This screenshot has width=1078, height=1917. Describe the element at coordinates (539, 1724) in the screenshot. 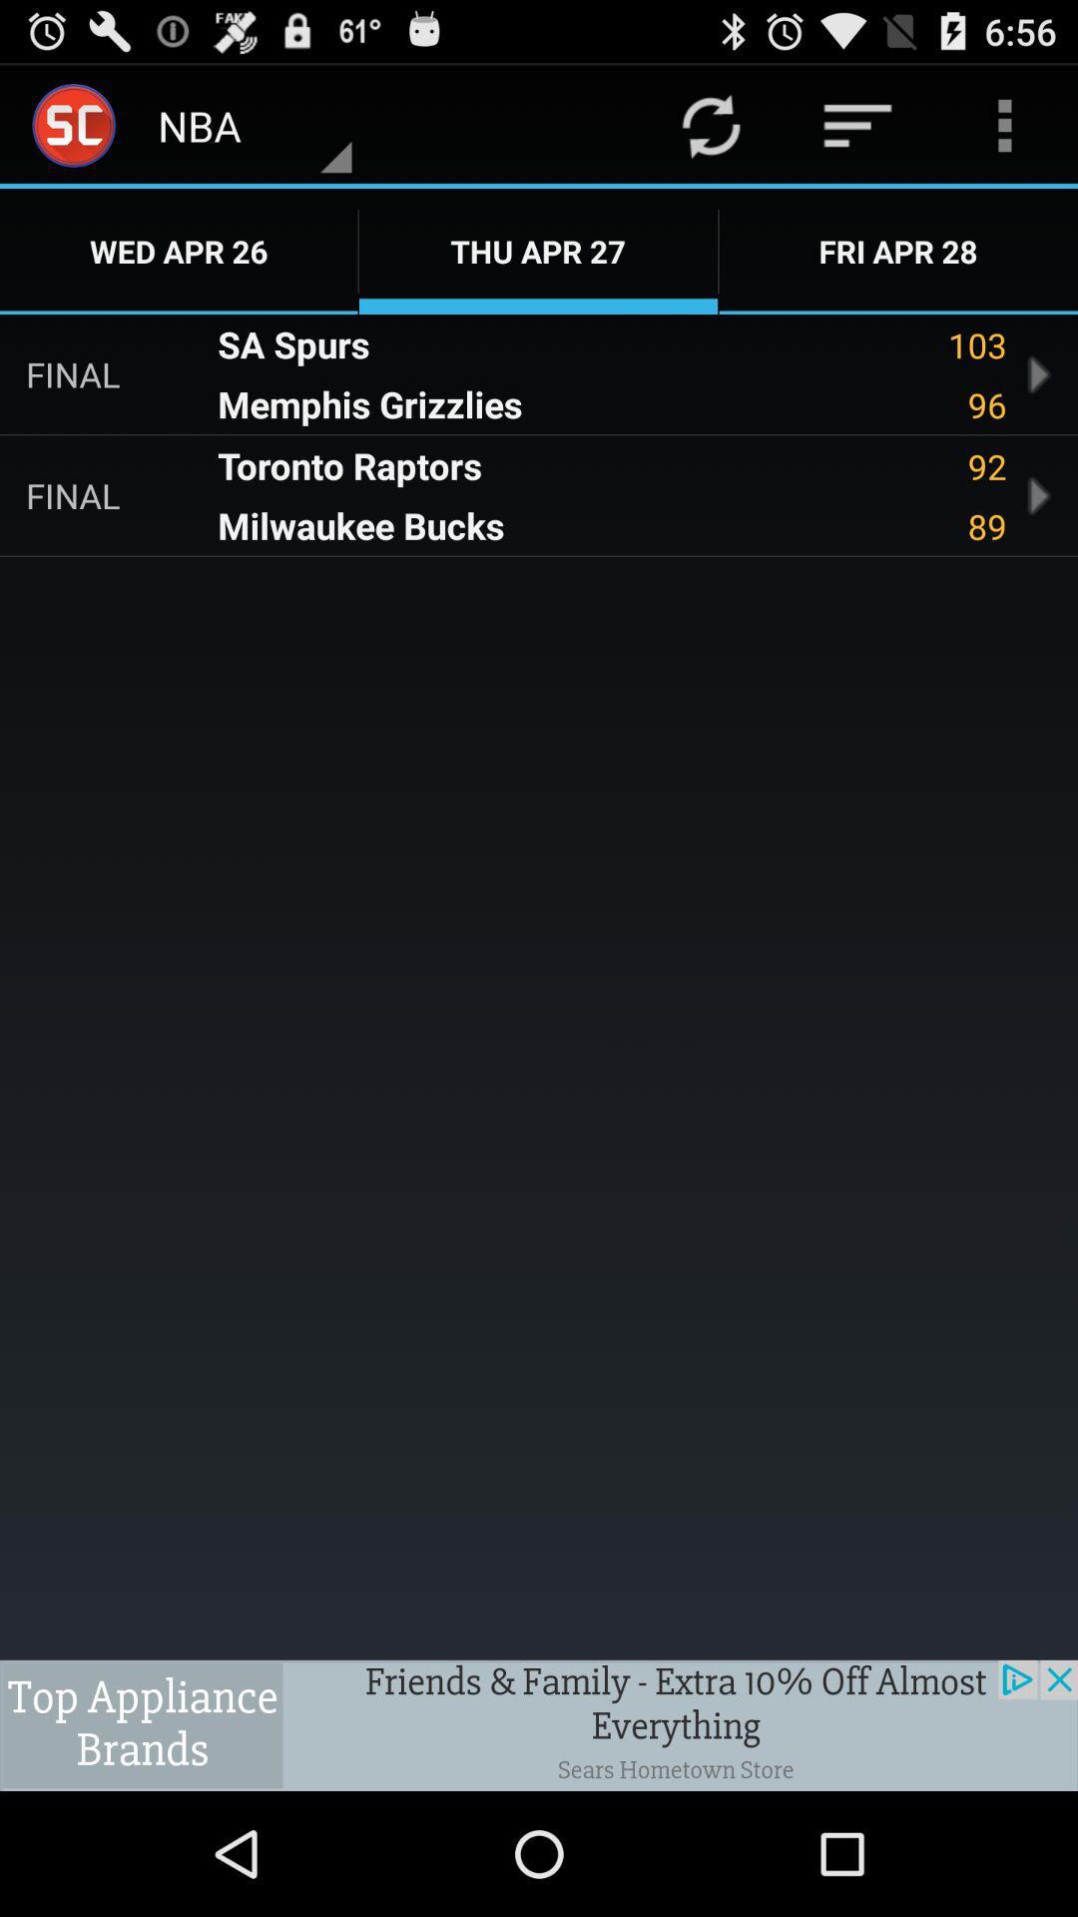

I see `advertisement` at that location.